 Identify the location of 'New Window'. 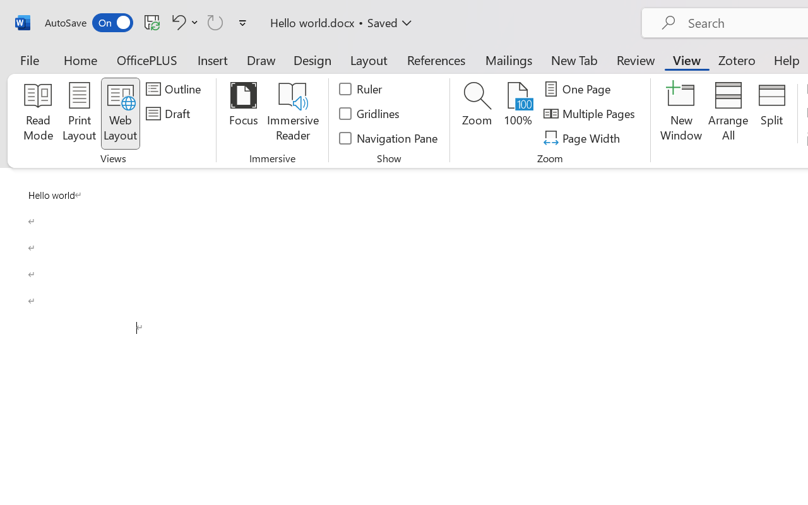
(680, 113).